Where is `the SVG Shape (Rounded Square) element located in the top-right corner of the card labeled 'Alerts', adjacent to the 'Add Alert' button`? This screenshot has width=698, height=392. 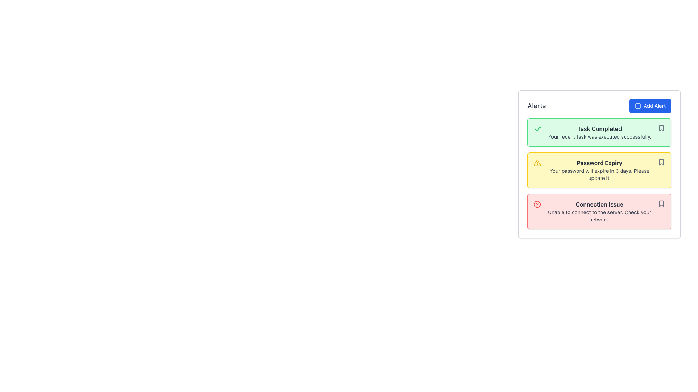
the SVG Shape (Rounded Square) element located in the top-right corner of the card labeled 'Alerts', adjacent to the 'Add Alert' button is located at coordinates (637, 106).